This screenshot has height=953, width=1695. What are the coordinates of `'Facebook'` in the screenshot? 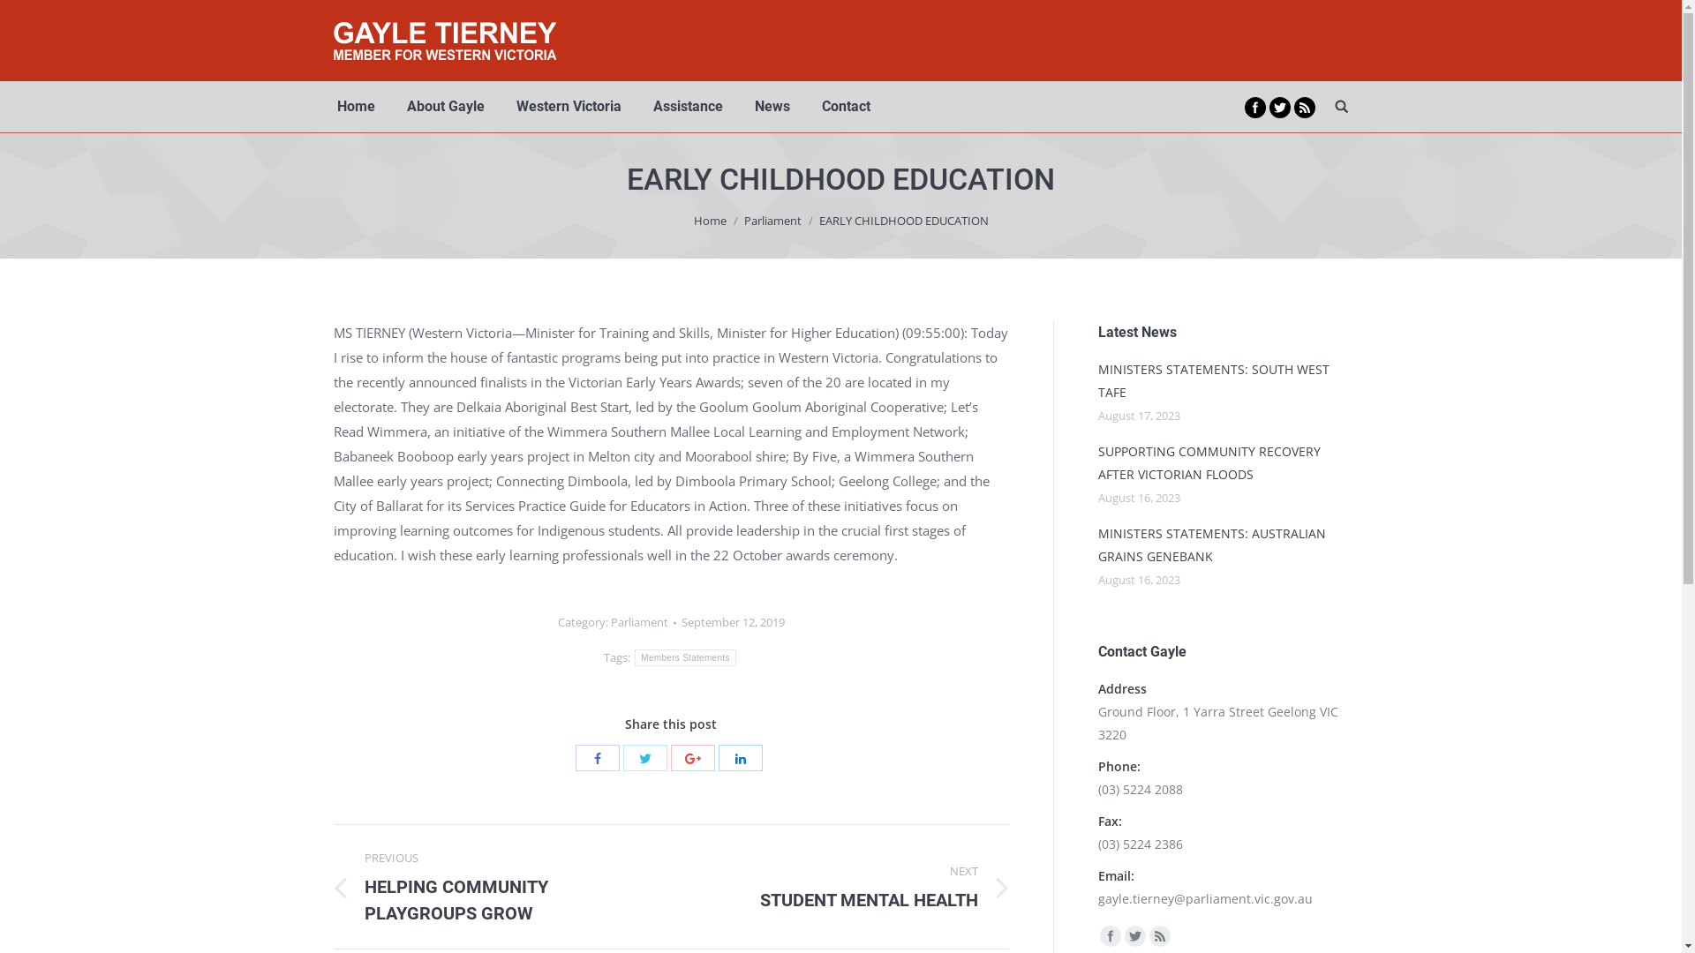 It's located at (1254, 108).